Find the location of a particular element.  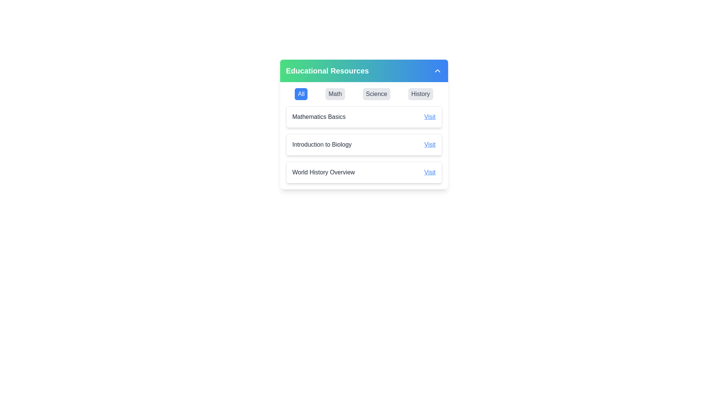

the second hyperlink is located at coordinates (430, 117).